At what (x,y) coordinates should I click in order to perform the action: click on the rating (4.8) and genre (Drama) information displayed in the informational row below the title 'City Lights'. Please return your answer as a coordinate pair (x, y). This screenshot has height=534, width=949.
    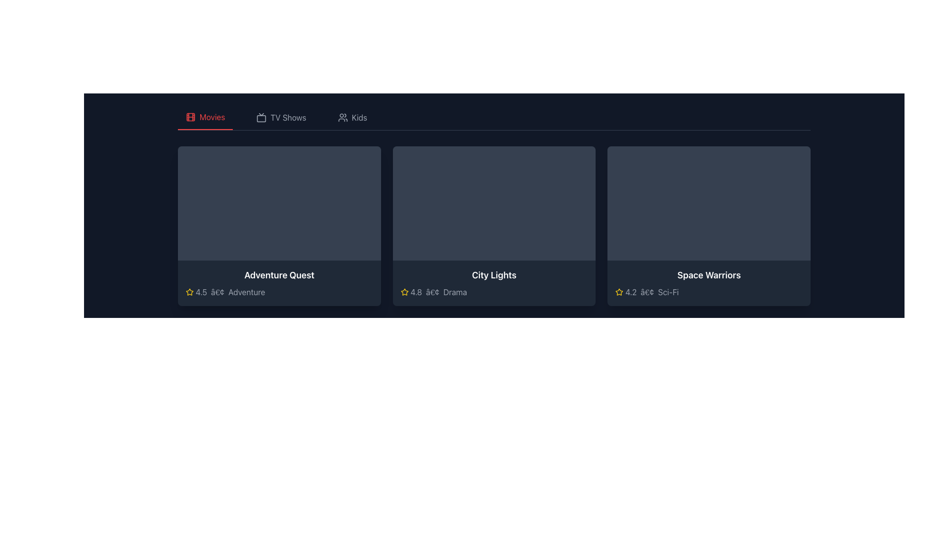
    Looking at the image, I should click on (494, 291).